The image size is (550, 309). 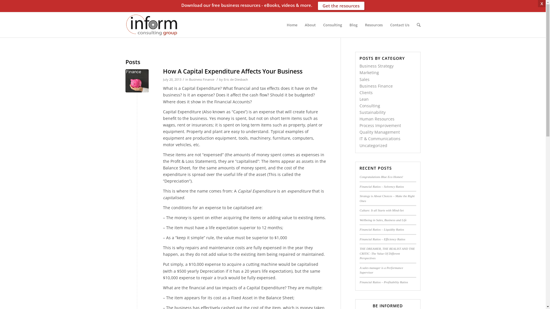 What do you see at coordinates (541, 3) in the screenshot?
I see `'X'` at bounding box center [541, 3].